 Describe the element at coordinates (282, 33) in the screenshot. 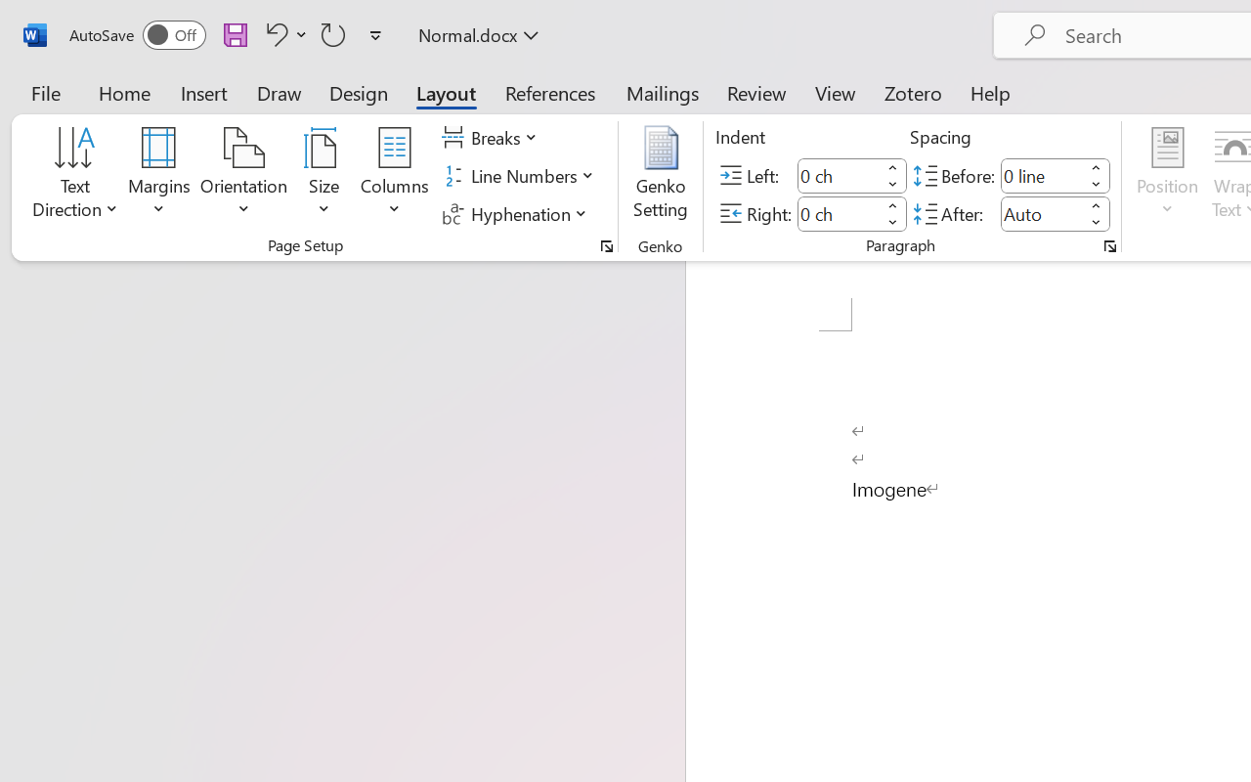

I see `'Undo Paragraph Formatting'` at that location.